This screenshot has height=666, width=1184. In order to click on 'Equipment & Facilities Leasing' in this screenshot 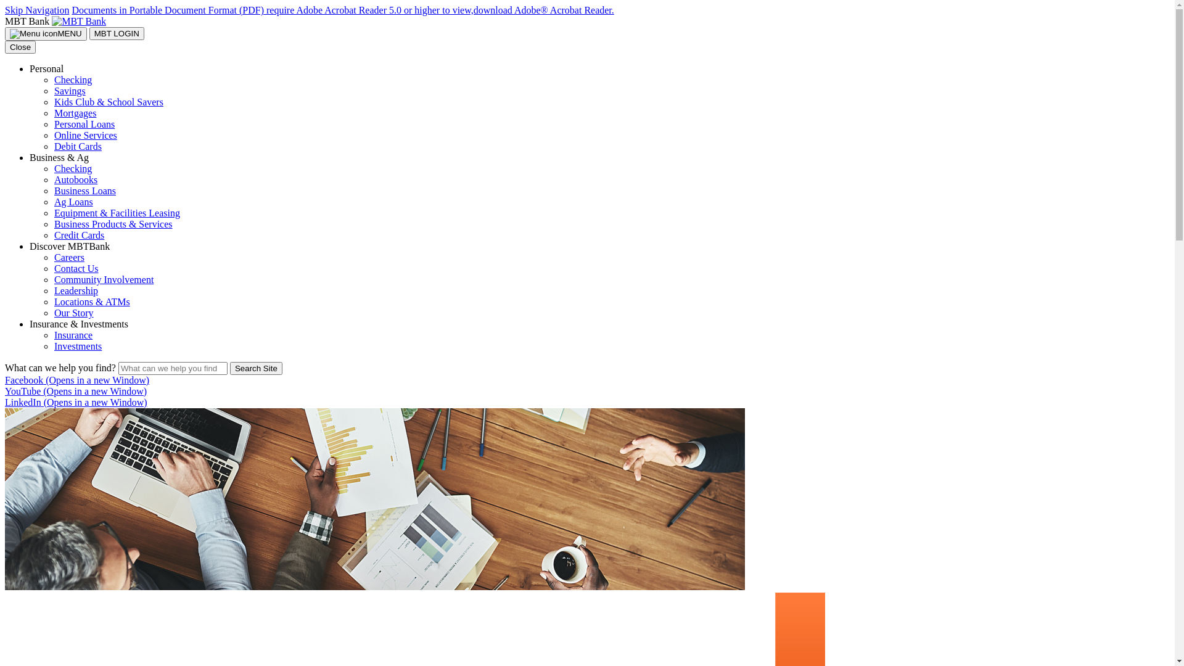, I will do `click(117, 212)`.